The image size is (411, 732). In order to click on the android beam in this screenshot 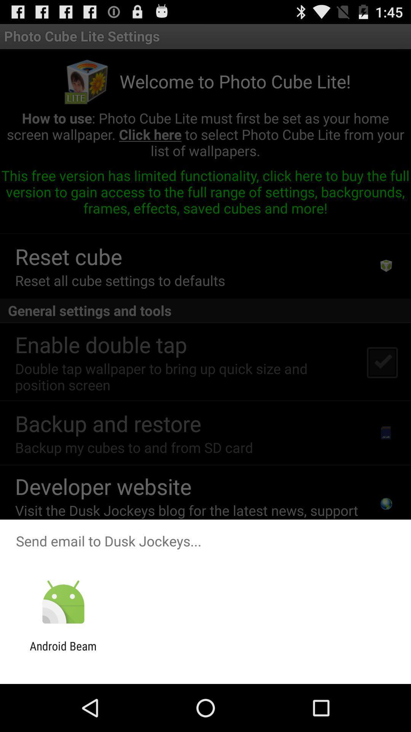, I will do `click(63, 652)`.